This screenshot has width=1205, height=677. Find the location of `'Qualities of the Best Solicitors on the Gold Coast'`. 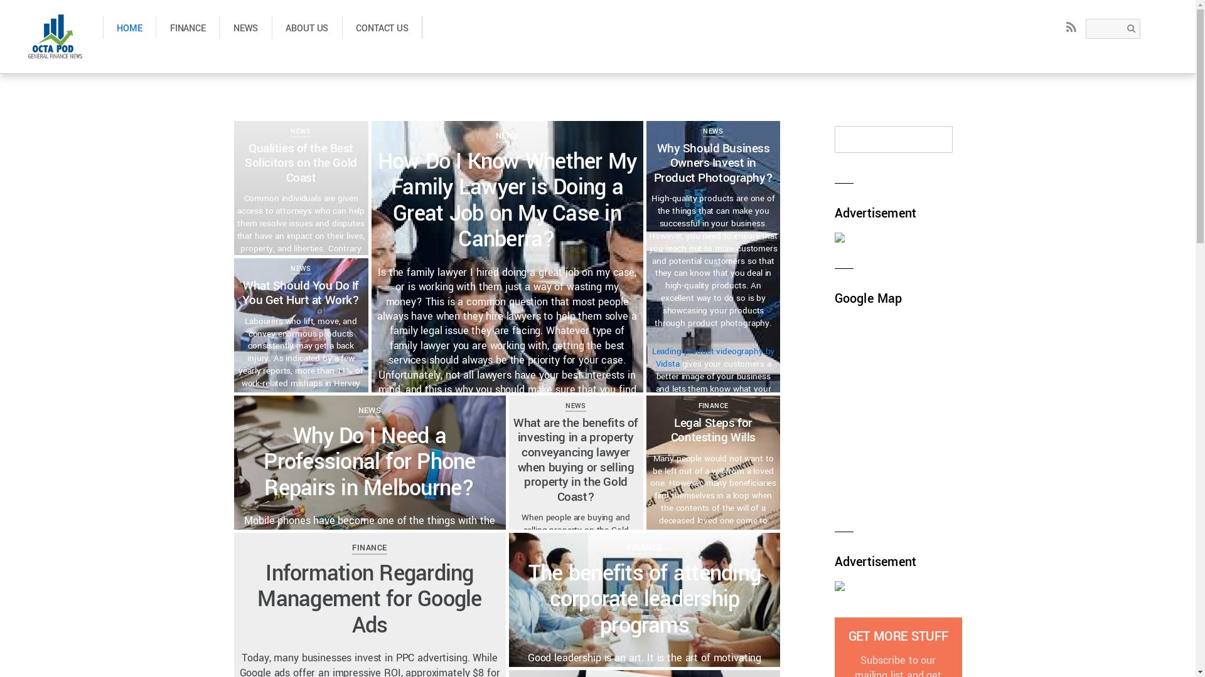

'Qualities of the Best Solicitors on the Gold Coast' is located at coordinates (300, 162).